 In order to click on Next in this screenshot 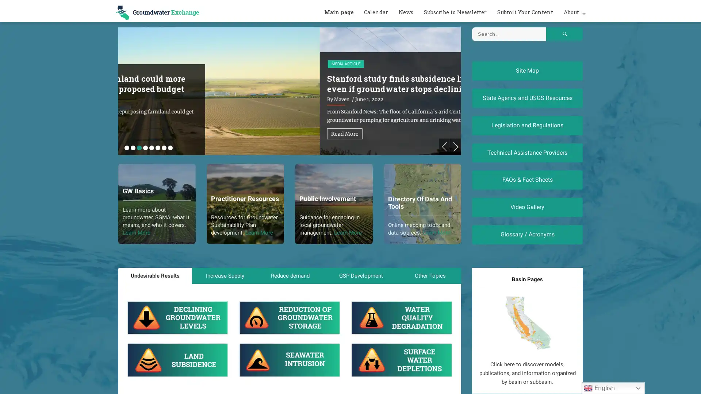, I will do `click(455, 147)`.